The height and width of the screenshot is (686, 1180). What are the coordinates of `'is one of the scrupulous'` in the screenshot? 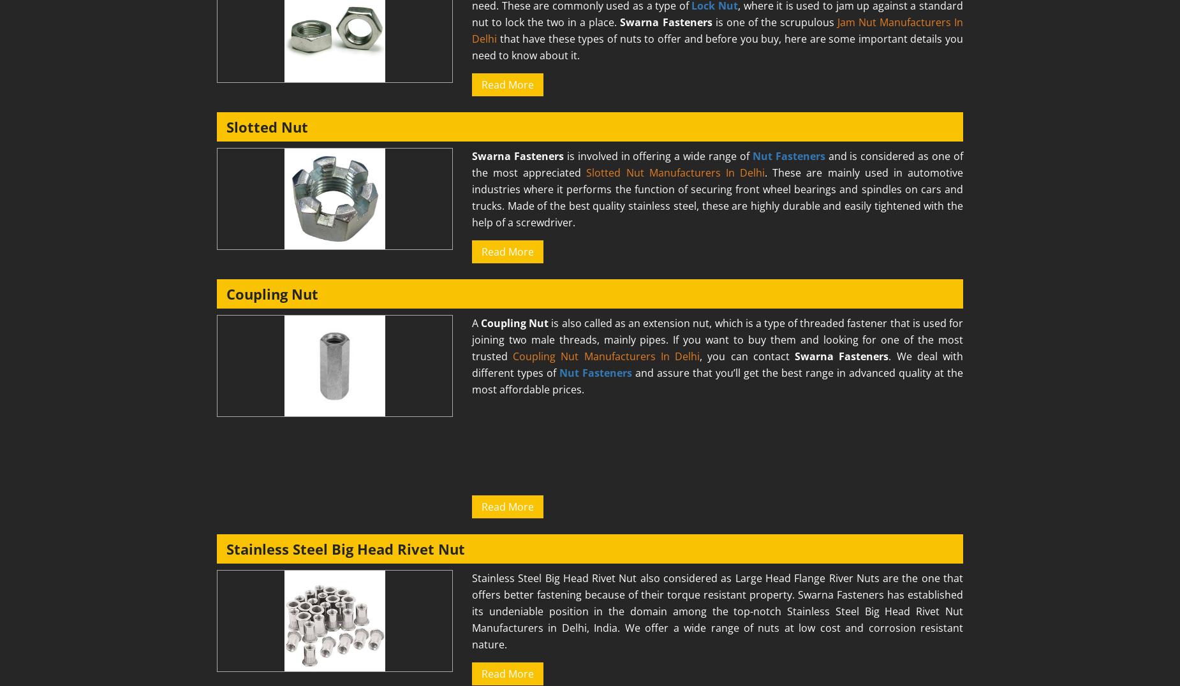 It's located at (773, 21).